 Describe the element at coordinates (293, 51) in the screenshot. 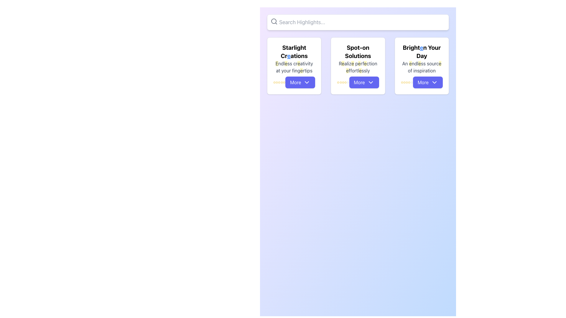

I see `the text snippet displaying 'Starlight Cr', which is styled in bold, black font and is part of the title 'Starlight Creations'` at that location.